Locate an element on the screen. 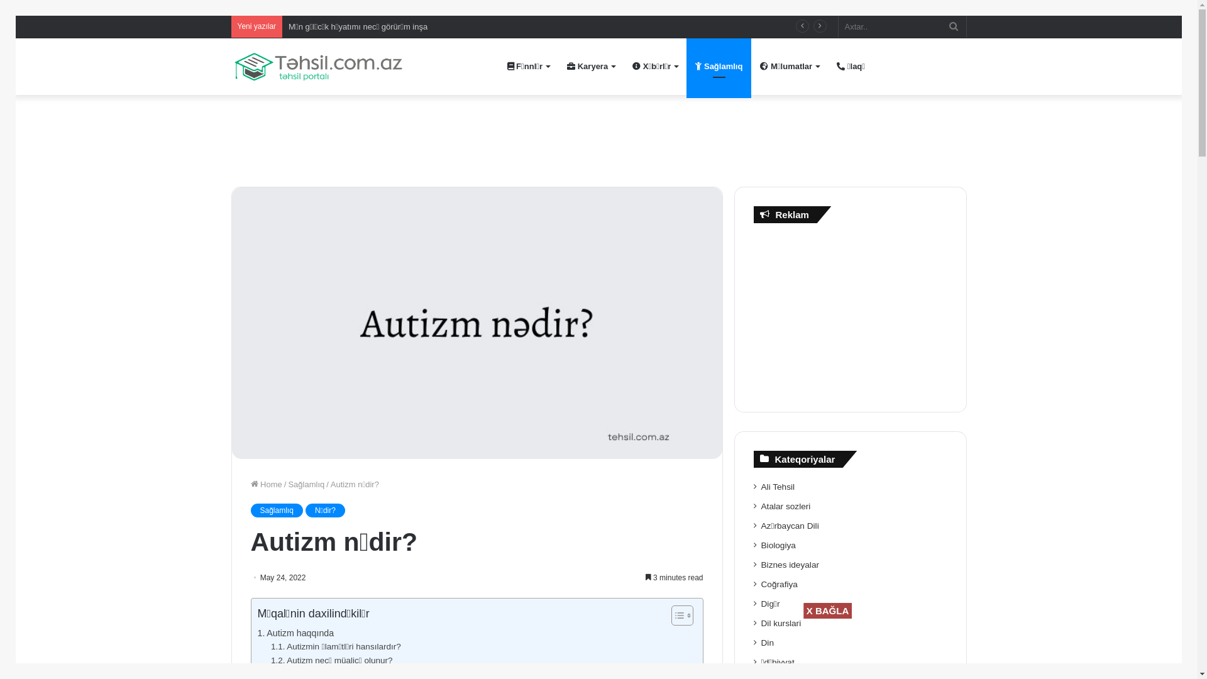 The height and width of the screenshot is (679, 1207). 'Advertisement' is located at coordinates (597, 136).